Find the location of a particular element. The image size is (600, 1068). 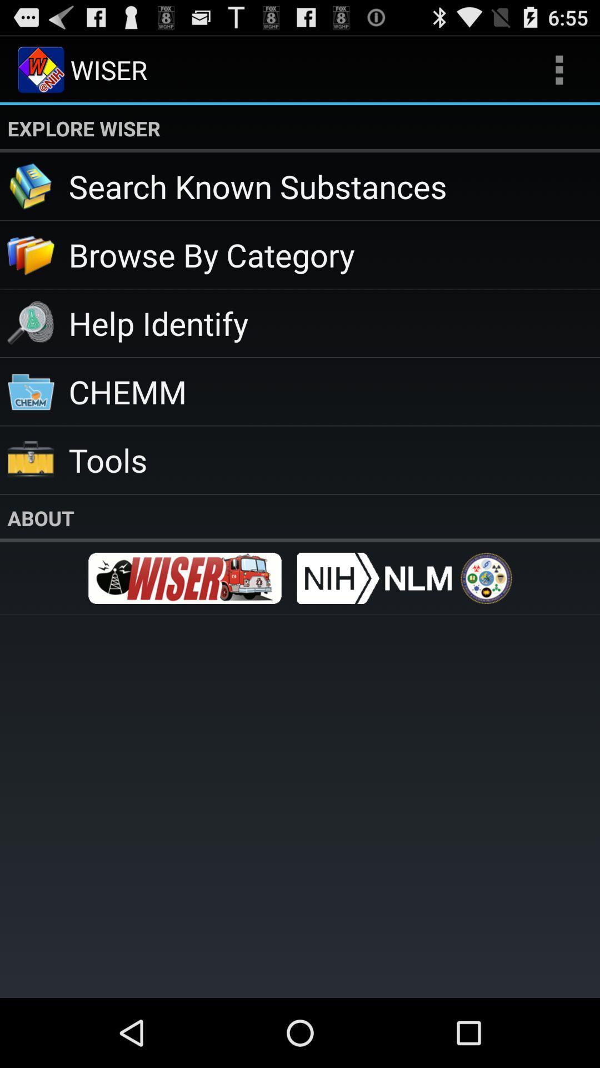

the icon above tools item is located at coordinates (333, 391).